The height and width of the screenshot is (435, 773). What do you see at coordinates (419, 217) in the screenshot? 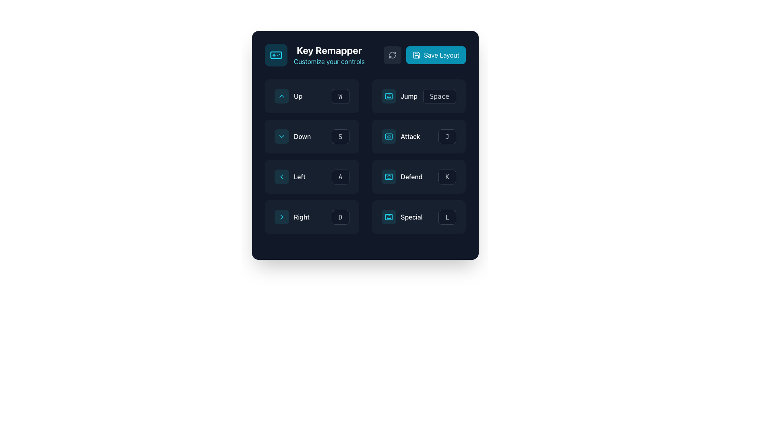
I see `the key-binding configuration button group labeled 'Special' with the keyboard icon, positioned at the bottom right of the remapping grid` at bounding box center [419, 217].